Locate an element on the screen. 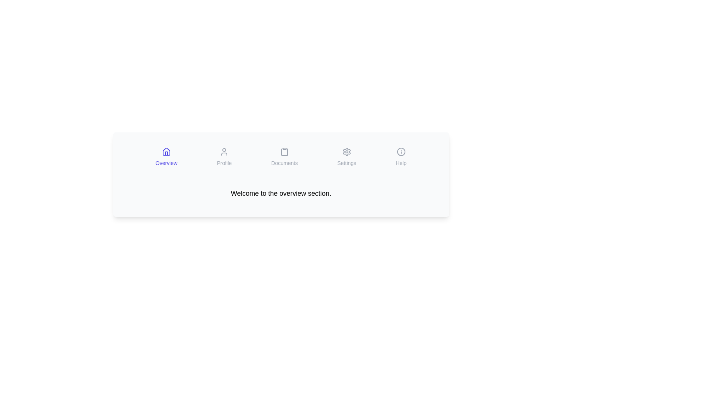  the 'Overview' navigation icon located at the top center of the interface is located at coordinates (166, 152).